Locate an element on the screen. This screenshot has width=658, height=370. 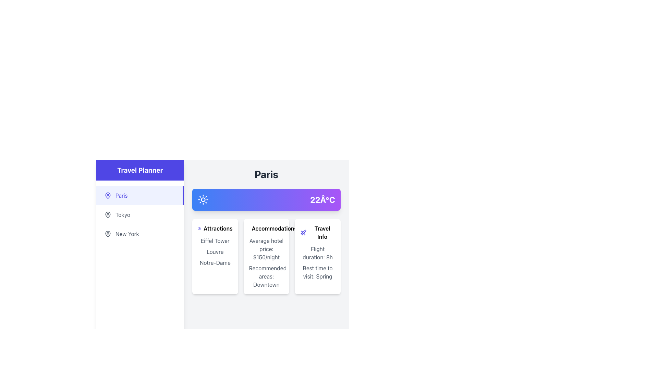
the text fragment displaying 'Notre-Dame' in gray color, which is the third item in the vertical list within the 'Attractions' card is located at coordinates (215, 262).